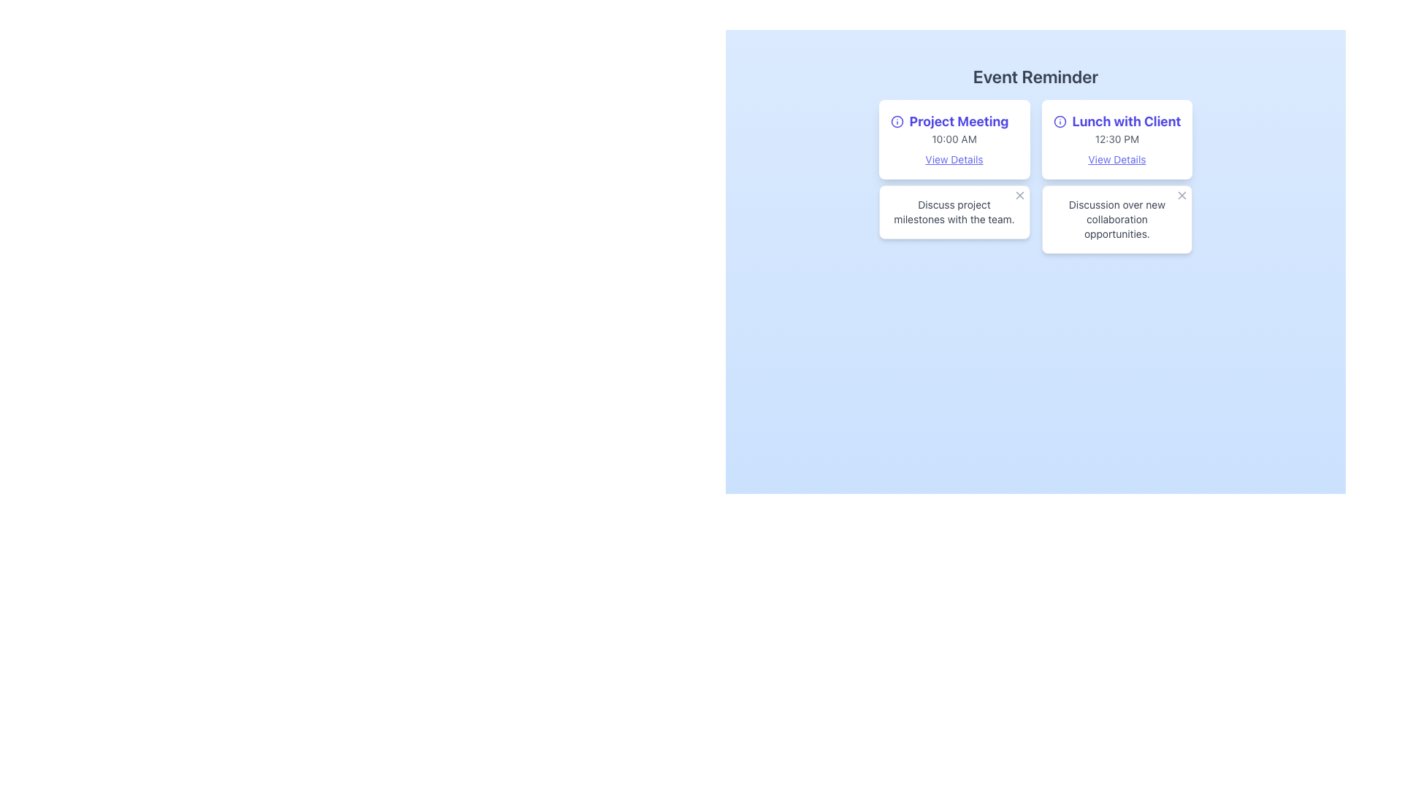 Image resolution: width=1402 pixels, height=788 pixels. Describe the element at coordinates (896, 120) in the screenshot. I see `the SVG Circle element with a radius of 10, located to the left of the 'Project Meeting' title text` at that location.